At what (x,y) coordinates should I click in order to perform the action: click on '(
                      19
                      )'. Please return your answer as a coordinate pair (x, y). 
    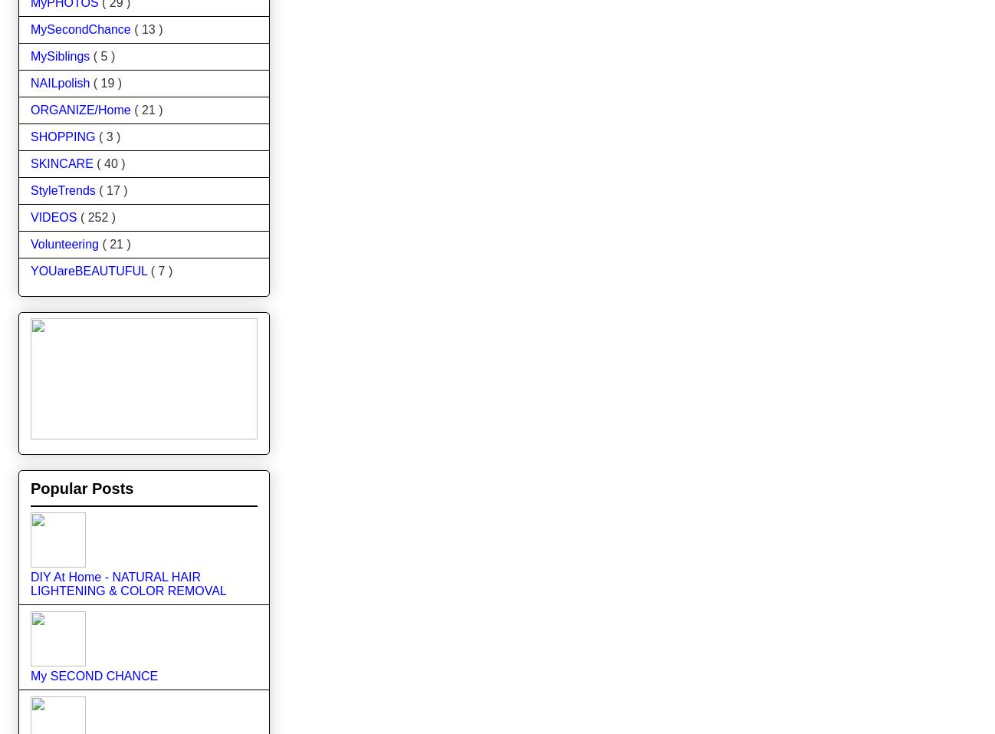
    Looking at the image, I should click on (107, 82).